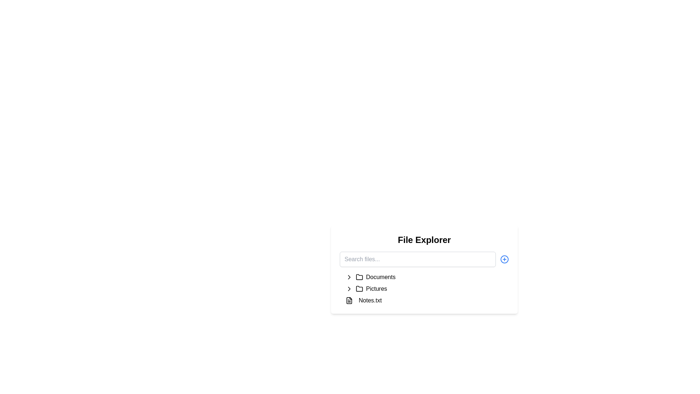  Describe the element at coordinates (349, 301) in the screenshot. I see `the text file icon that visually represents a text file` at that location.